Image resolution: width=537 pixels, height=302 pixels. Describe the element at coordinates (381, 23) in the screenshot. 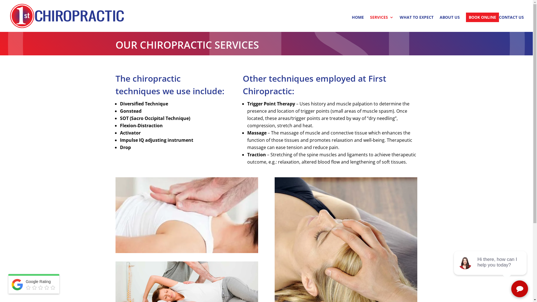

I see `'SERVICES'` at that location.